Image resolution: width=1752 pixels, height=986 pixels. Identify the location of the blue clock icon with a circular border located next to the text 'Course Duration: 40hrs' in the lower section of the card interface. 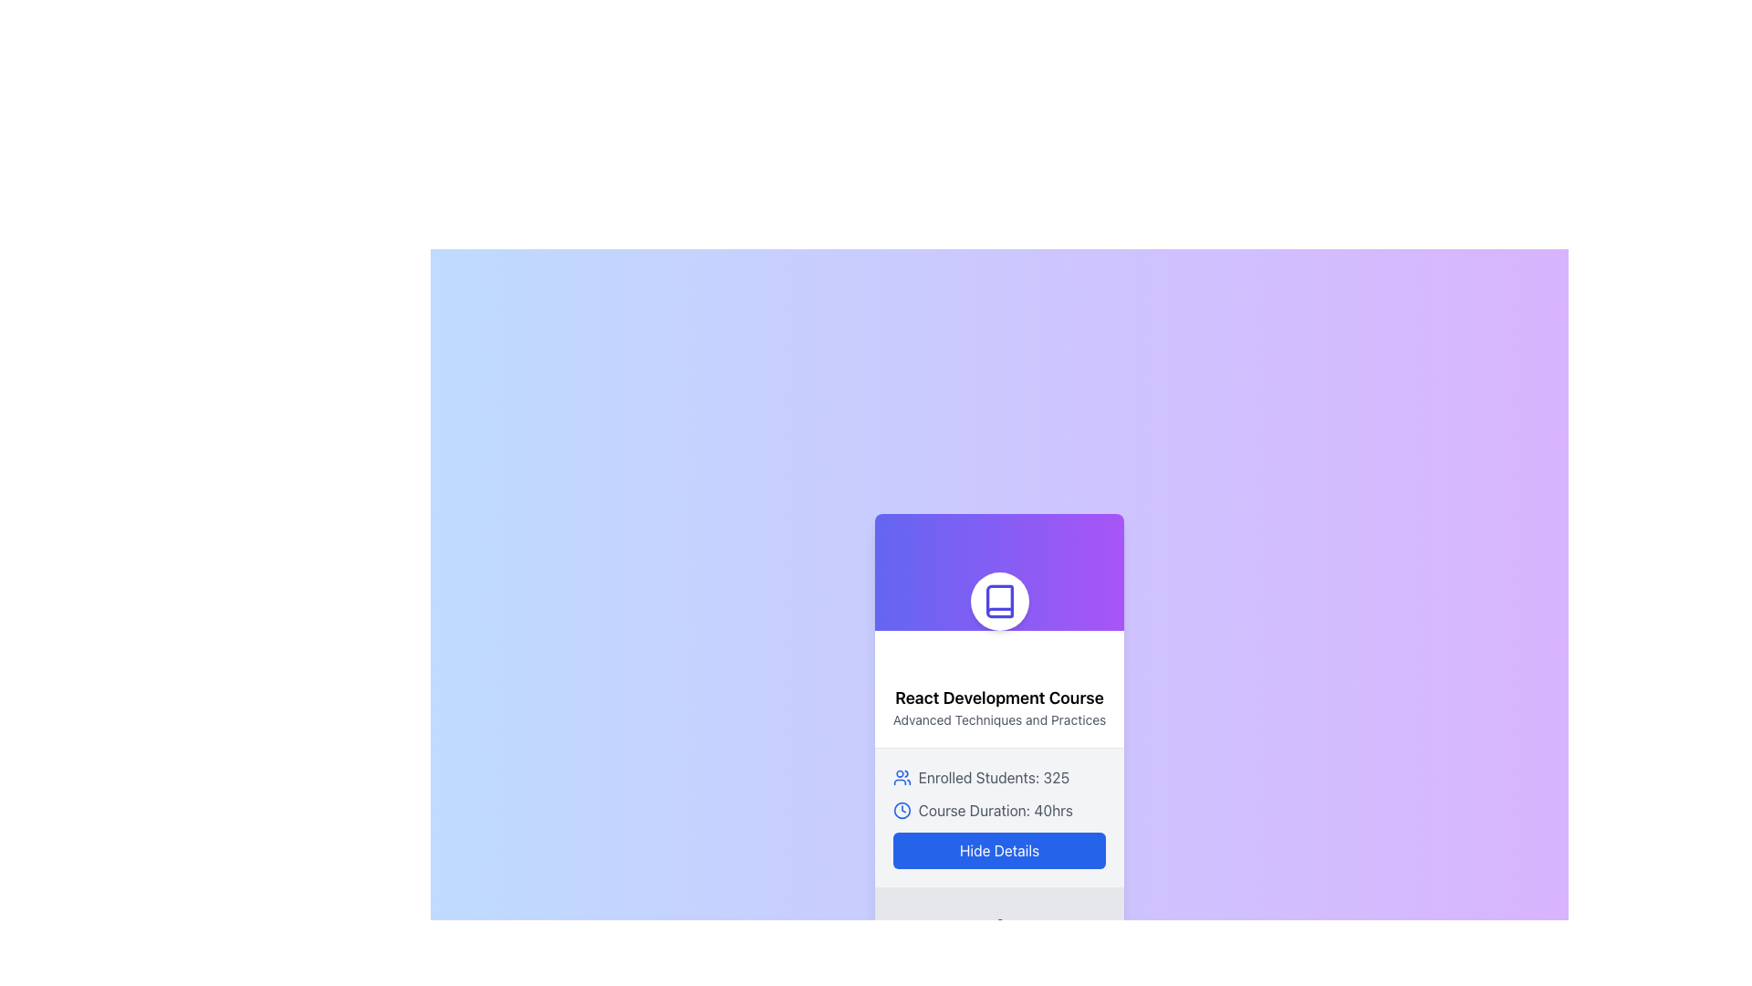
(902, 809).